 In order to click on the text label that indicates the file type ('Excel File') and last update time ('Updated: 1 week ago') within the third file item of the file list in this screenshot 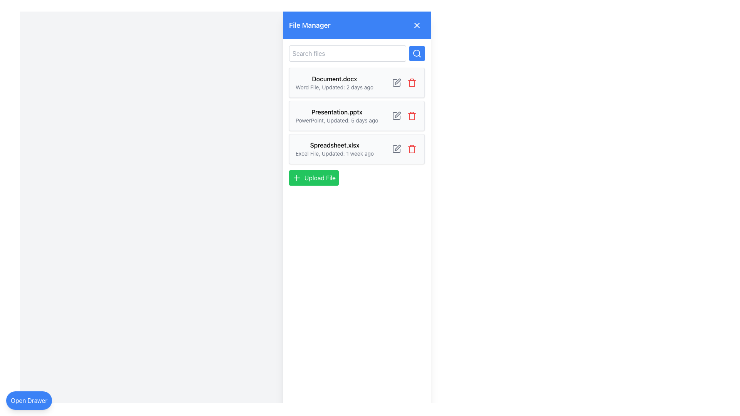, I will do `click(335, 153)`.